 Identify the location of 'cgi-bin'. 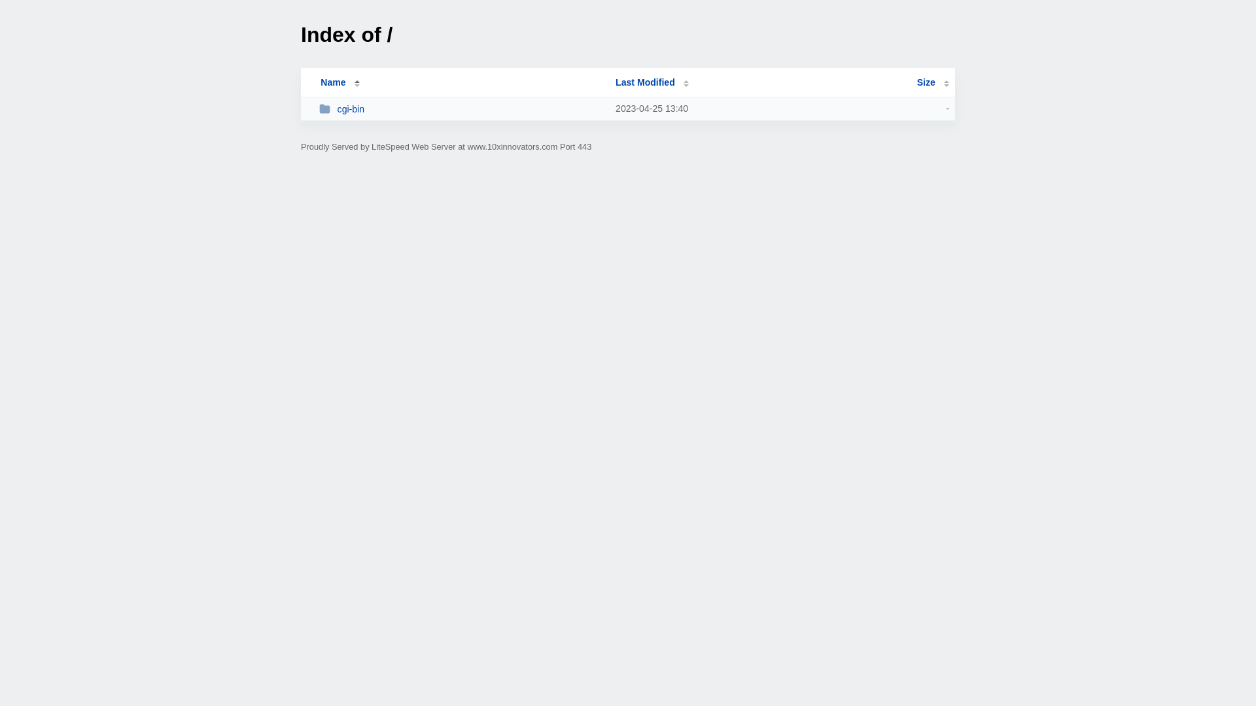
(461, 108).